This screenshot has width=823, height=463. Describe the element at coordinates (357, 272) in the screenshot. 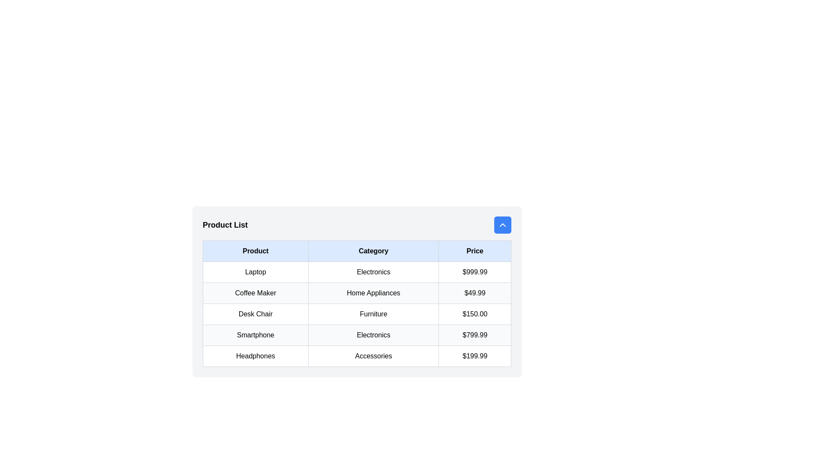

I see `the first row of the product table displaying details for 'Laptop', which includes the category 'Electronics' and price '$999.99'` at that location.